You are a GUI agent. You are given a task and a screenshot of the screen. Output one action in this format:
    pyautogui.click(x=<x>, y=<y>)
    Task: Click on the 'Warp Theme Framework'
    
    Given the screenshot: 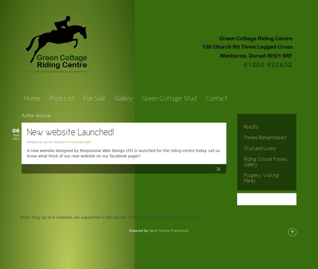 What is the action you would take?
    pyautogui.click(x=149, y=231)
    